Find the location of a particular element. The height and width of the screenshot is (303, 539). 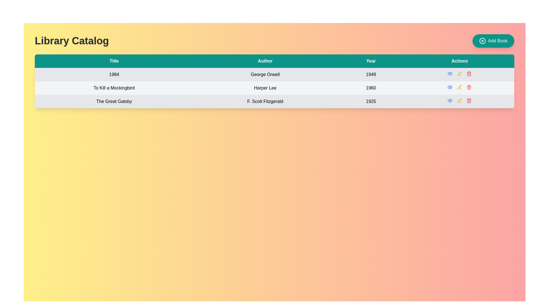

the pen-shaped icon located in the 'Actions' column of the second row in the table is located at coordinates (460, 73).